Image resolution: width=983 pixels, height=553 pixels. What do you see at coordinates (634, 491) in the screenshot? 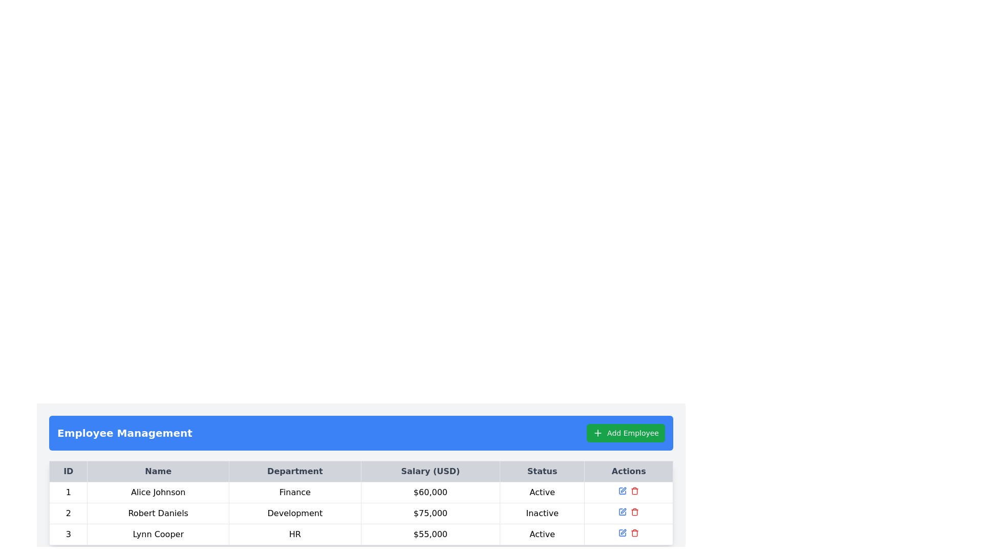
I see `the delete icon button in the 'Actions' column for the third row in the table` at bounding box center [634, 491].